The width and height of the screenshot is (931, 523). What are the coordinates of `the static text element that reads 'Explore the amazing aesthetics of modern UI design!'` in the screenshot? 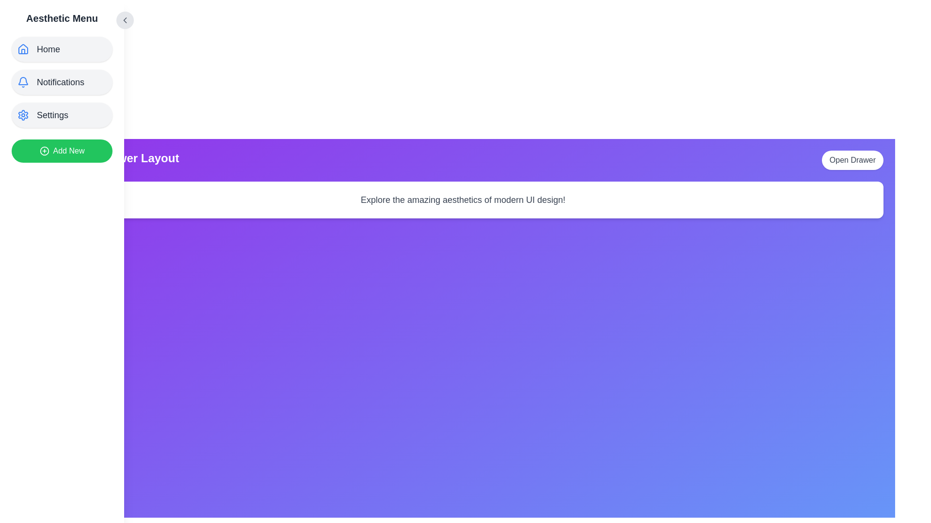 It's located at (463, 199).